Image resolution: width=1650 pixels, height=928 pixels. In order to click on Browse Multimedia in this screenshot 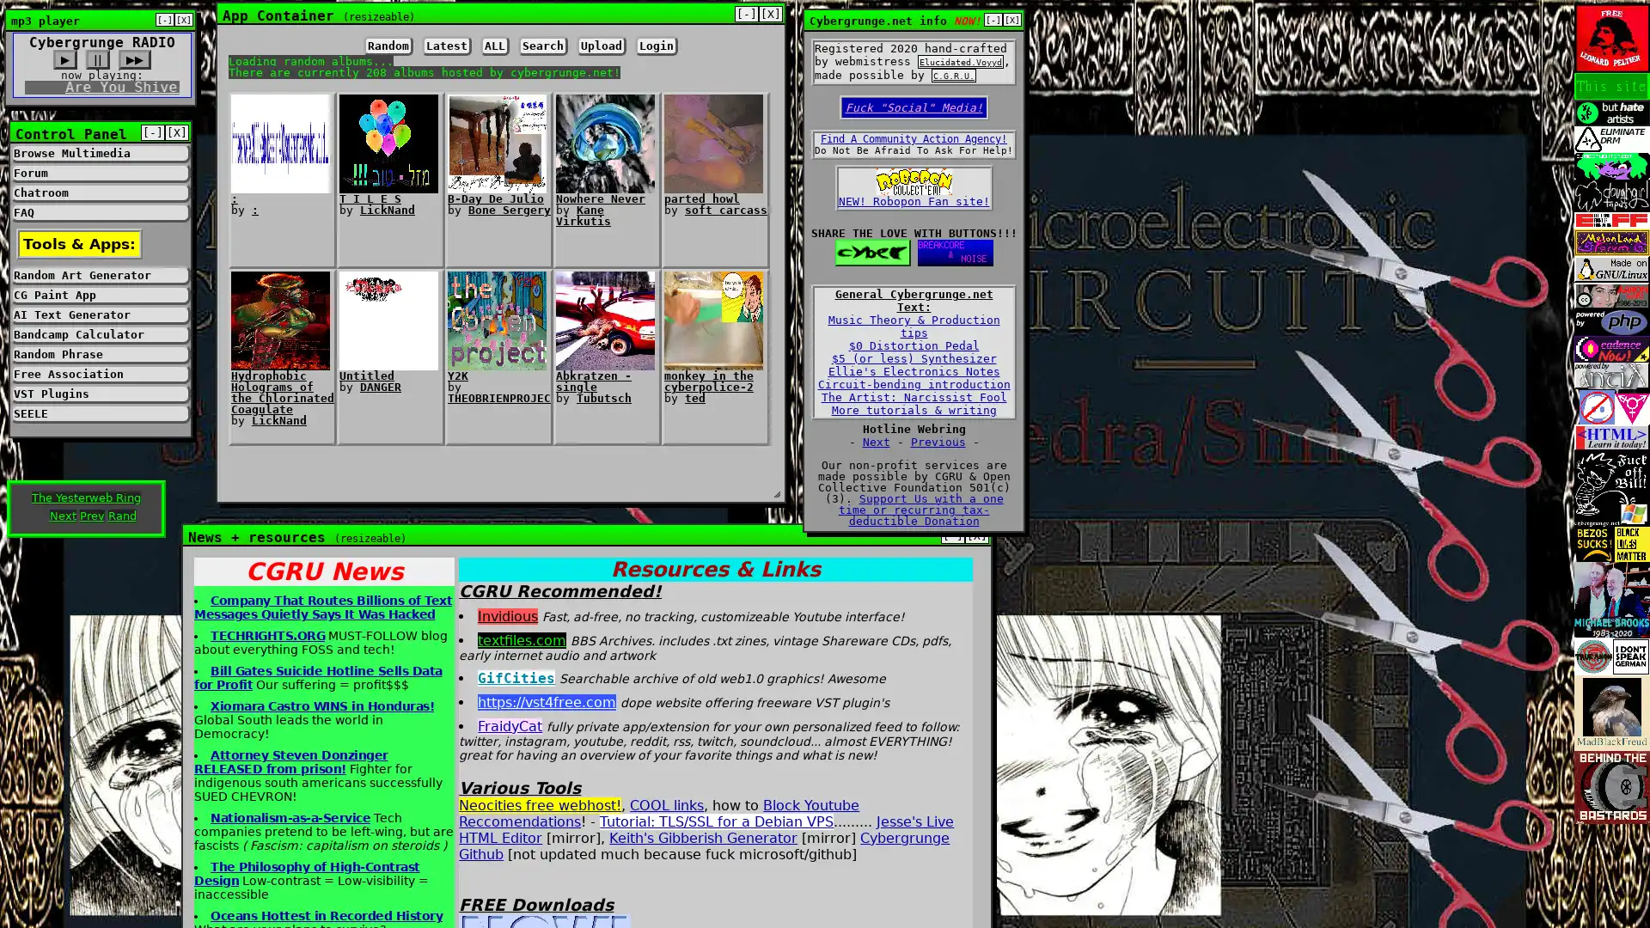, I will do `click(99, 152)`.